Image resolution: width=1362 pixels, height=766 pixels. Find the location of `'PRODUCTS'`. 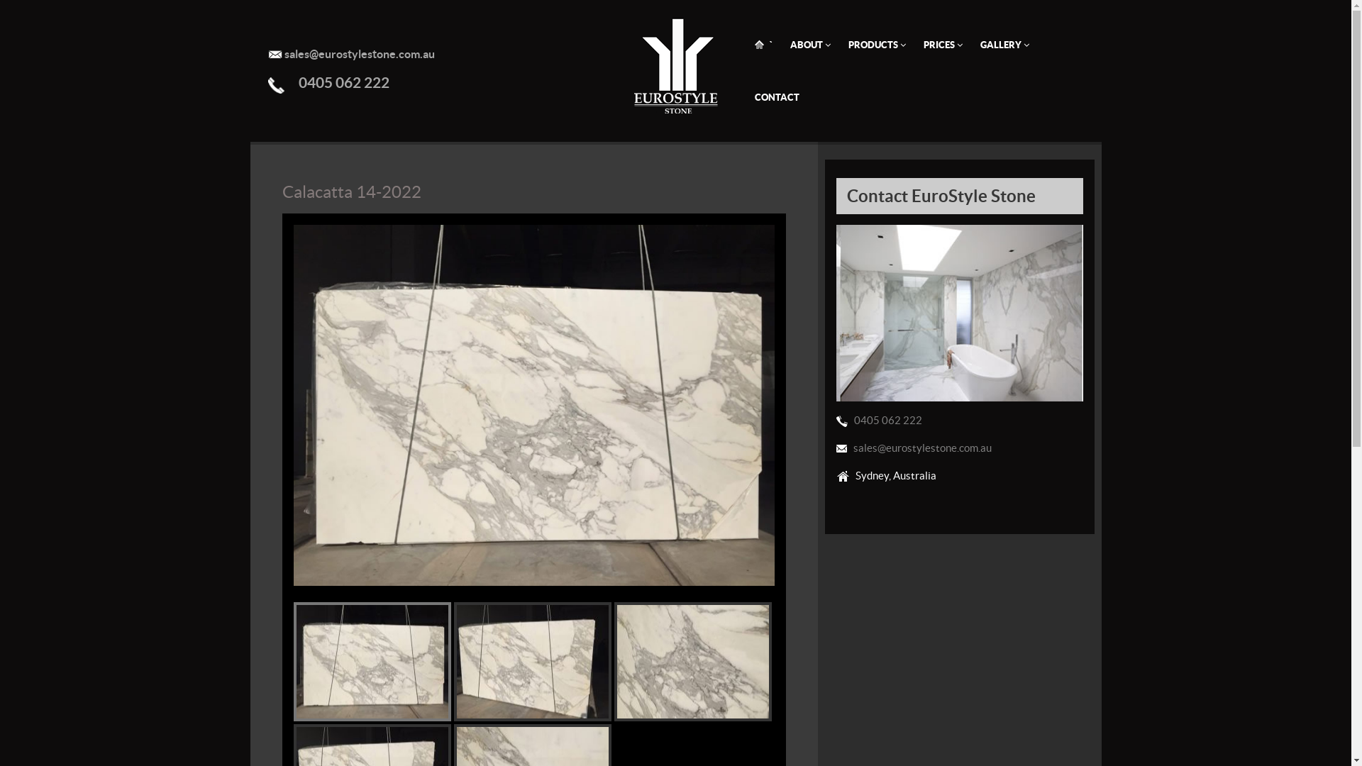

'PRODUCTS' is located at coordinates (841, 44).